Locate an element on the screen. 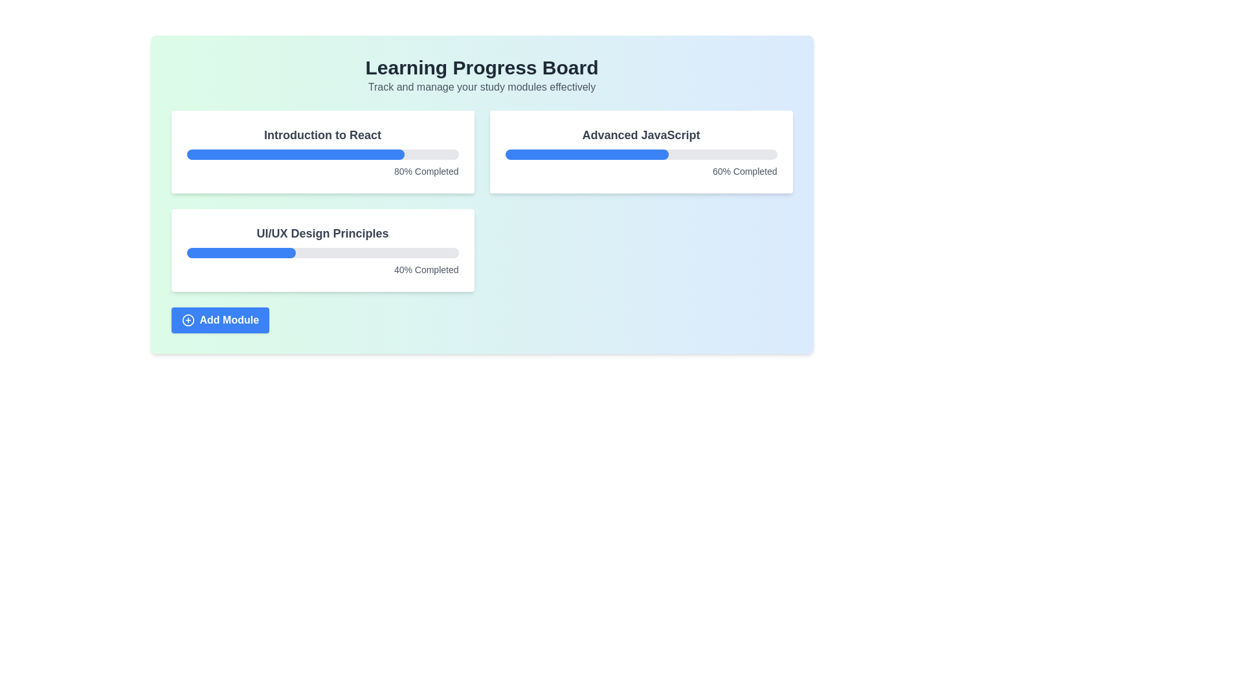  the horizontal progress bar styled with rounded ends, indicating 60% completion, located below the 'Advanced JavaScript' title is located at coordinates (641, 154).